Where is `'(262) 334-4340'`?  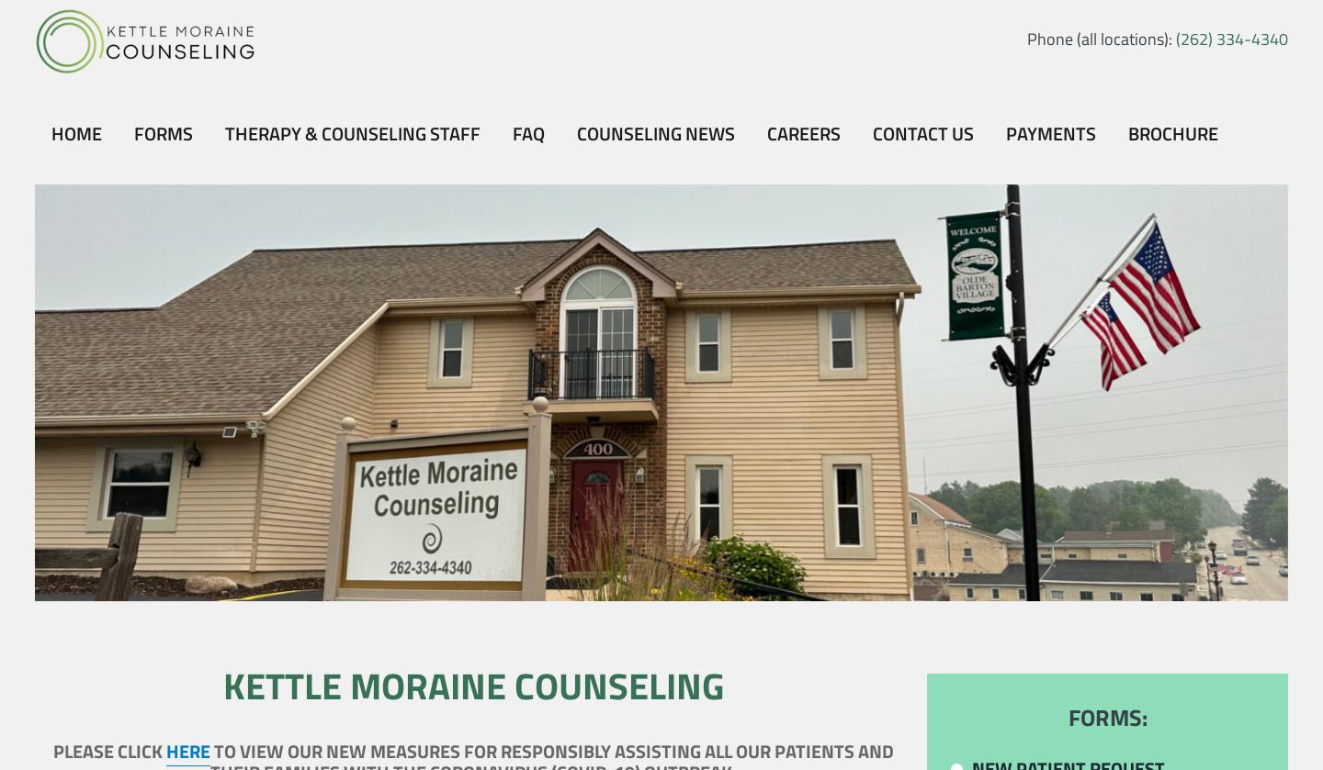
'(262) 334-4340' is located at coordinates (1230, 39).